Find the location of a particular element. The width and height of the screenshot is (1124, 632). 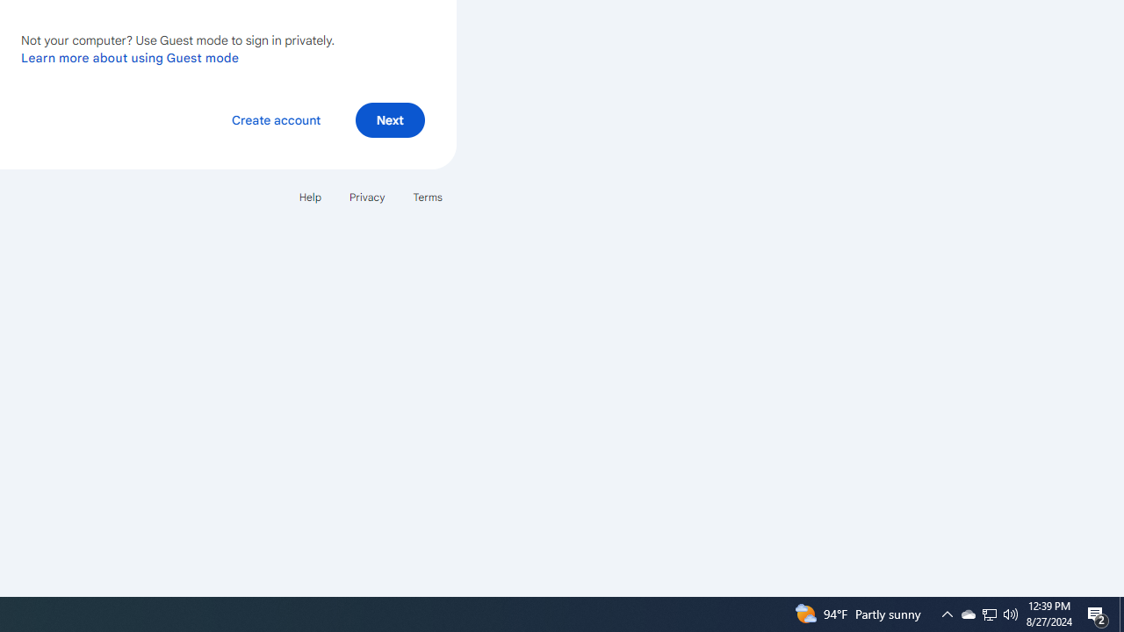

'Learn more about using Guest mode' is located at coordinates (129, 56).